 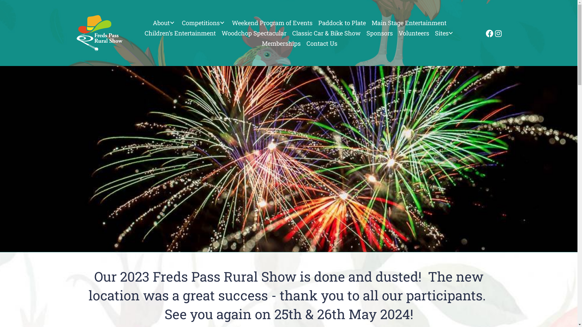 What do you see at coordinates (164, 22) in the screenshot?
I see `'About'` at bounding box center [164, 22].